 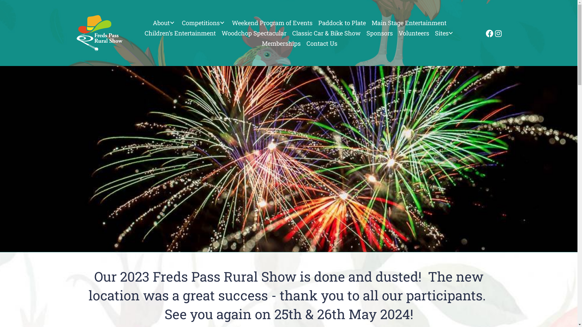 What do you see at coordinates (164, 22) in the screenshot?
I see `'About'` at bounding box center [164, 22].